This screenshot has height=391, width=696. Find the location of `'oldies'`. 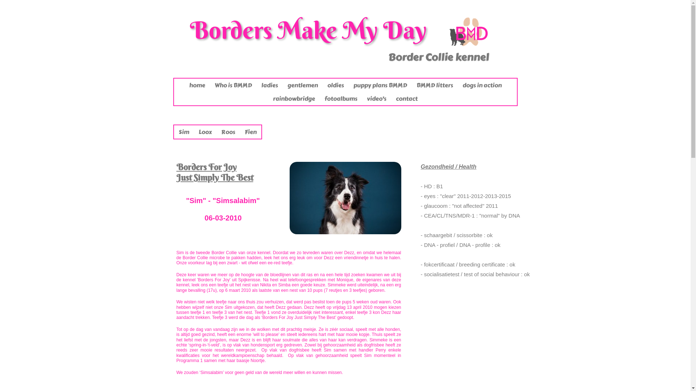

'oldies' is located at coordinates (335, 85).